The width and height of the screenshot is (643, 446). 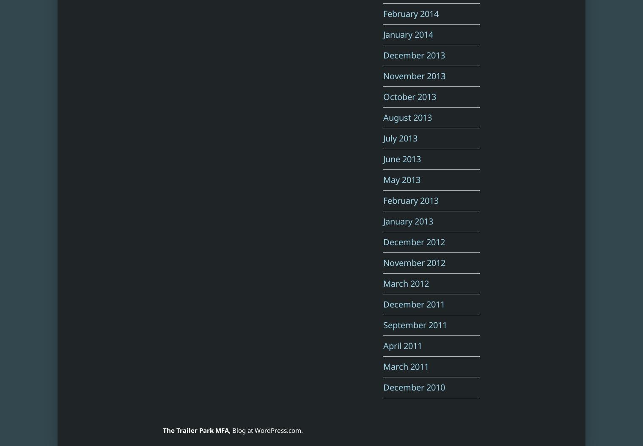 I want to click on 'March 2012', so click(x=406, y=283).